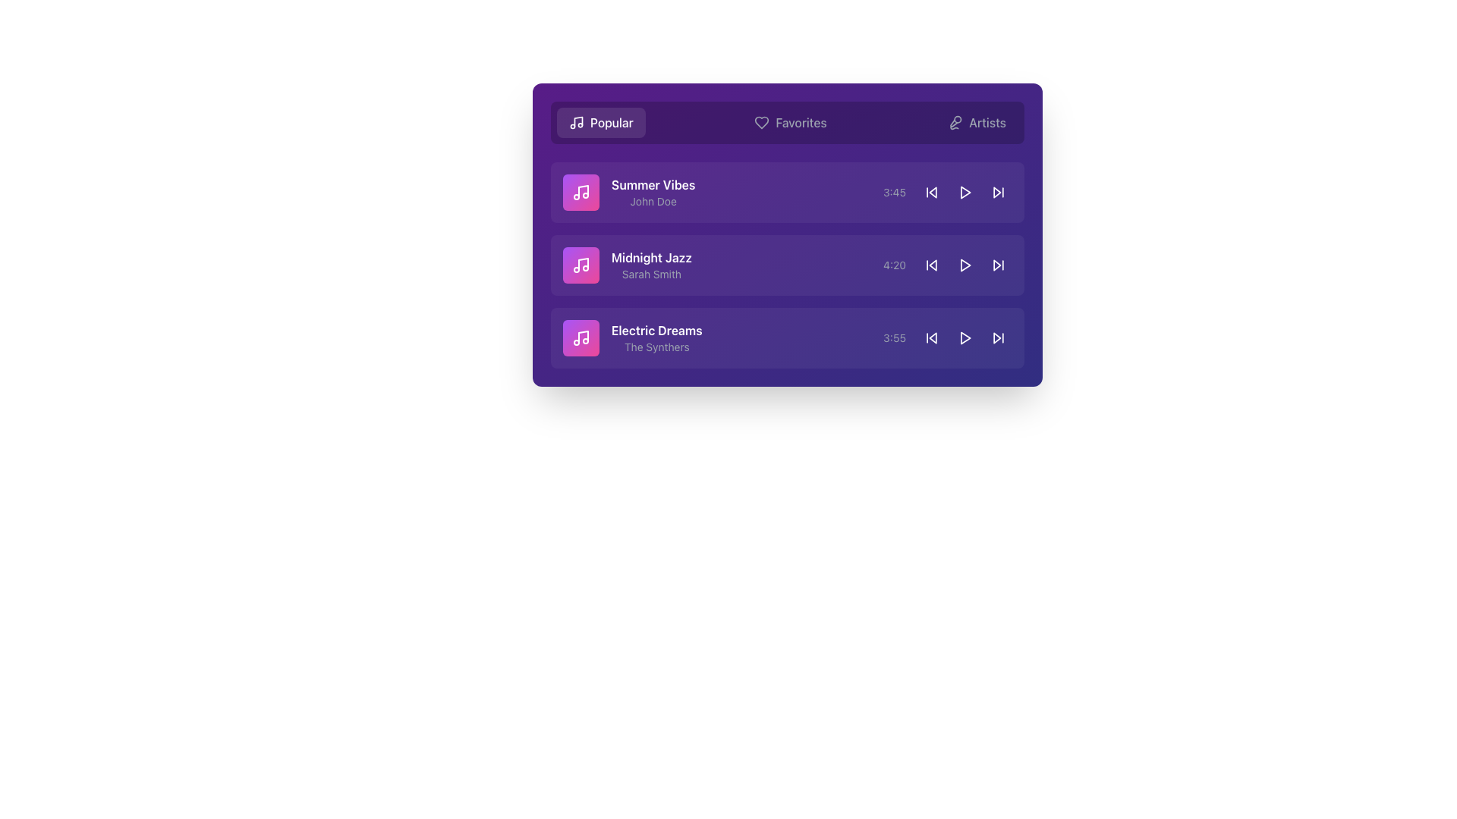 The height and width of the screenshot is (819, 1457). What do you see at coordinates (653, 192) in the screenshot?
I see `the text display element that shows the title and artist of a music track in the first row of the playlist interface, which is aligned with the album cover icon on the left` at bounding box center [653, 192].